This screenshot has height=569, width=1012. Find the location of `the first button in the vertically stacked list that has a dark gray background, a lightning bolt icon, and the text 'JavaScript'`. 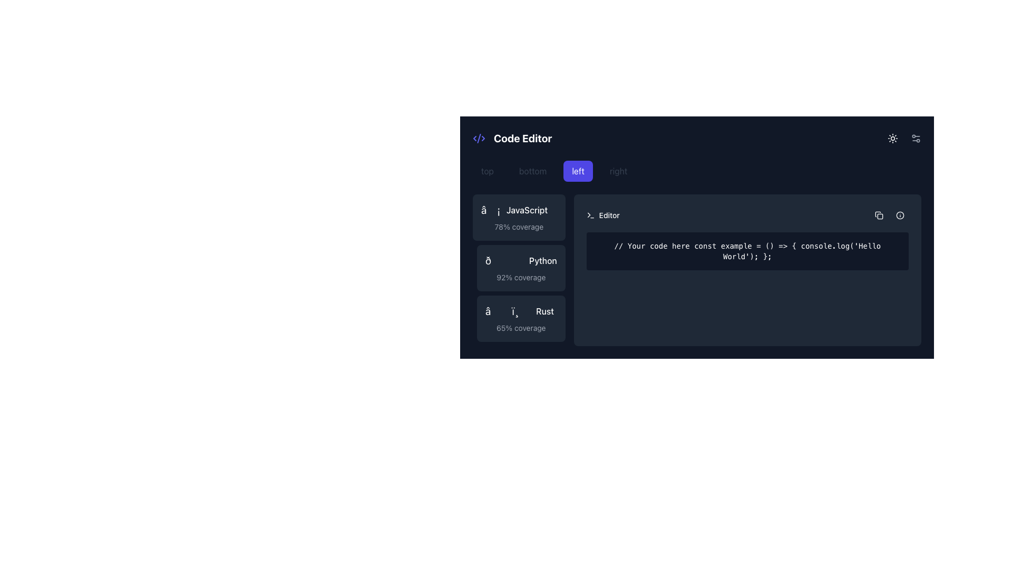

the first button in the vertically stacked list that has a dark gray background, a lightning bolt icon, and the text 'JavaScript' is located at coordinates (519, 217).